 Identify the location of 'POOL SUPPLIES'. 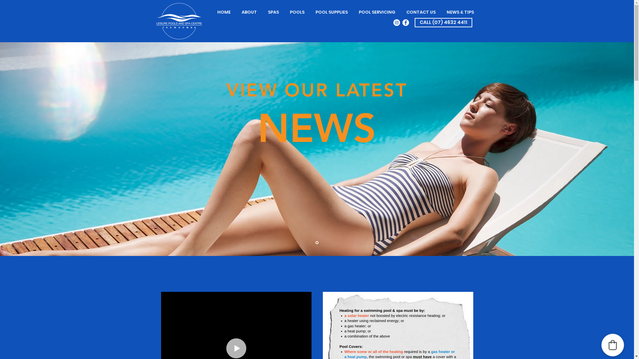
(332, 12).